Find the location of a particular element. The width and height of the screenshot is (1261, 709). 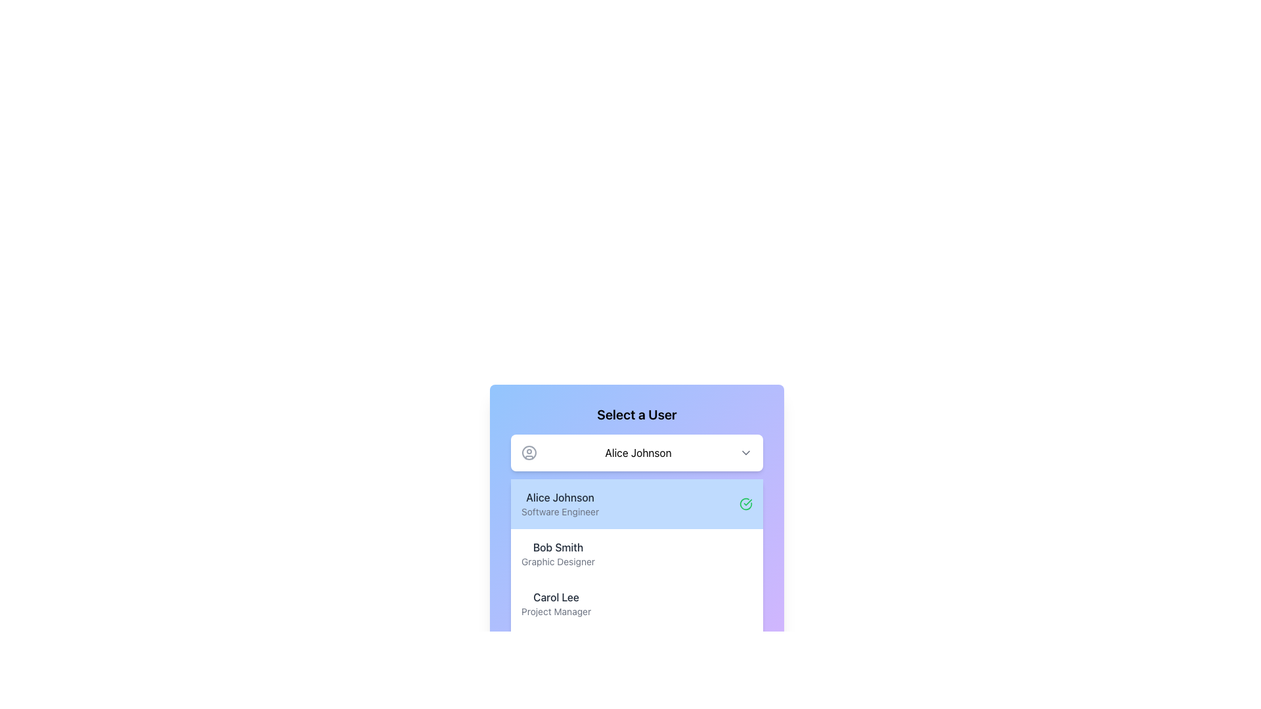

the selectable list item displaying 'Bob Smith' is located at coordinates (636, 554).